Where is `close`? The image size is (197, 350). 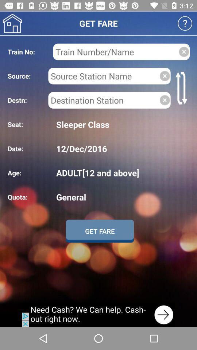 close is located at coordinates (184, 51).